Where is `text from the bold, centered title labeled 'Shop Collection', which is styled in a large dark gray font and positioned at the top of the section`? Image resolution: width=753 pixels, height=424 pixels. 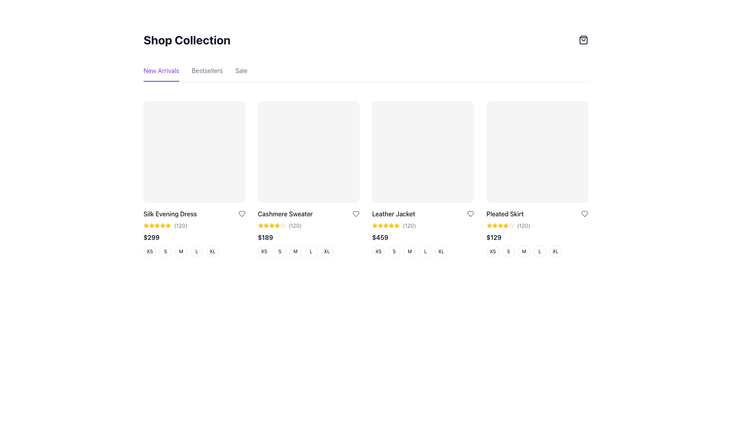
text from the bold, centered title labeled 'Shop Collection', which is styled in a large dark gray font and positioned at the top of the section is located at coordinates (186, 40).